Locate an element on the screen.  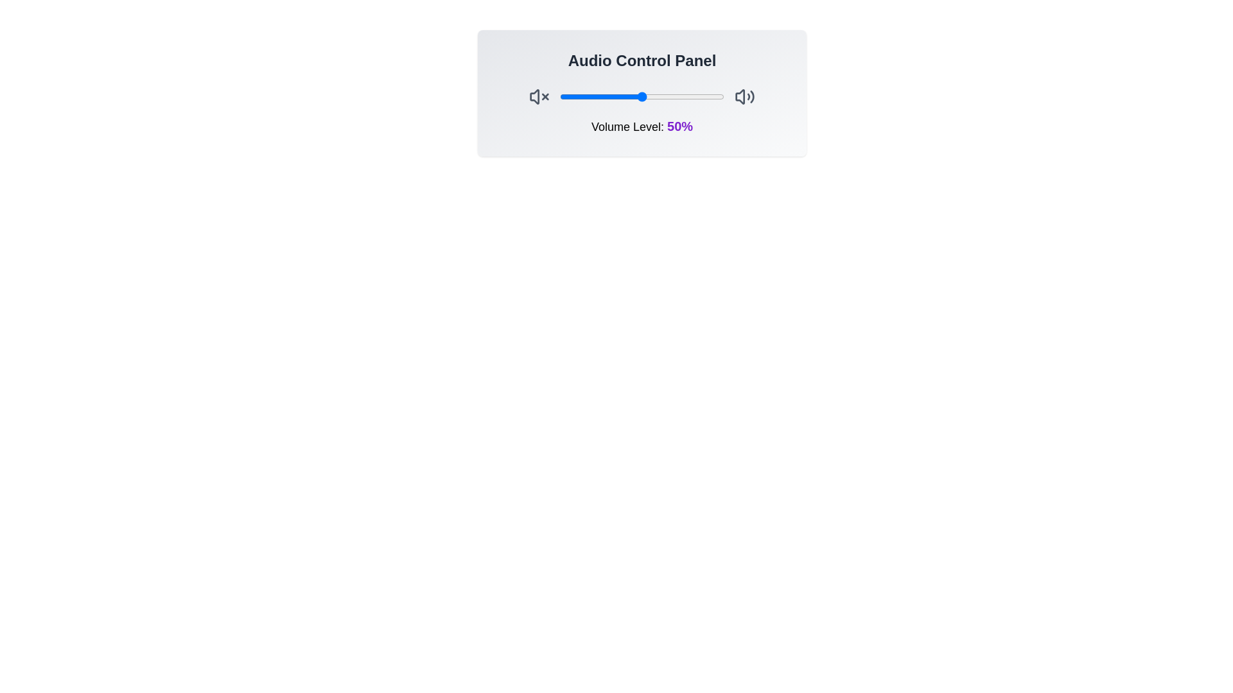
the audio icon located at the right end of the volume control section to interact with it, likely for muting or adjusting the volume is located at coordinates (740, 96).